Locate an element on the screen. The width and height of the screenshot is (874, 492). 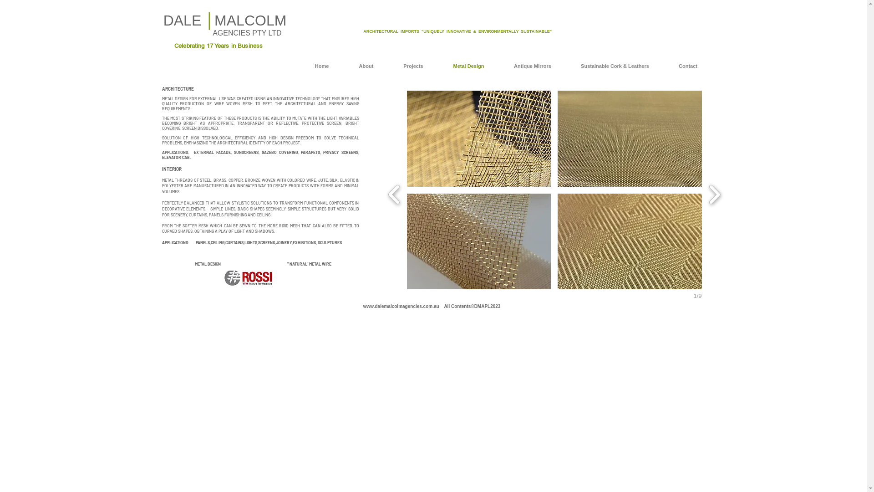
'Projects' is located at coordinates (413, 66).